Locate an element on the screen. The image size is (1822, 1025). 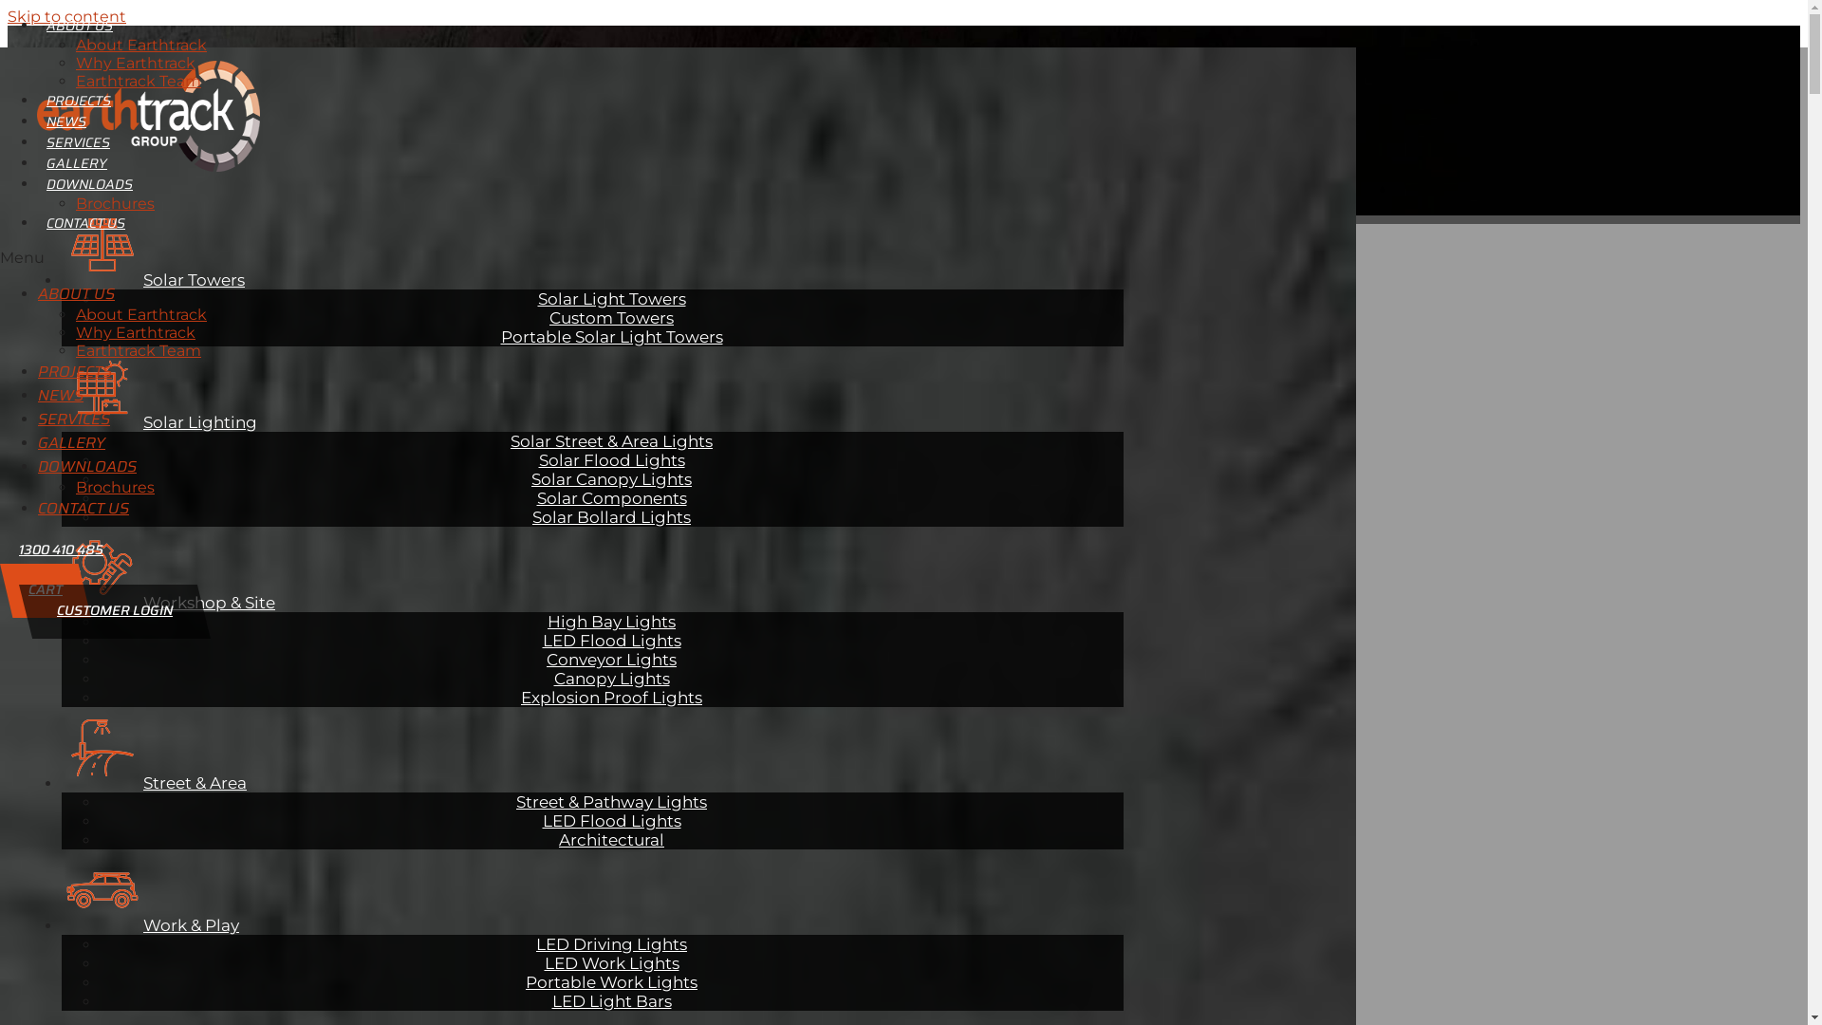
'Portable Work Lights' is located at coordinates (515, 980).